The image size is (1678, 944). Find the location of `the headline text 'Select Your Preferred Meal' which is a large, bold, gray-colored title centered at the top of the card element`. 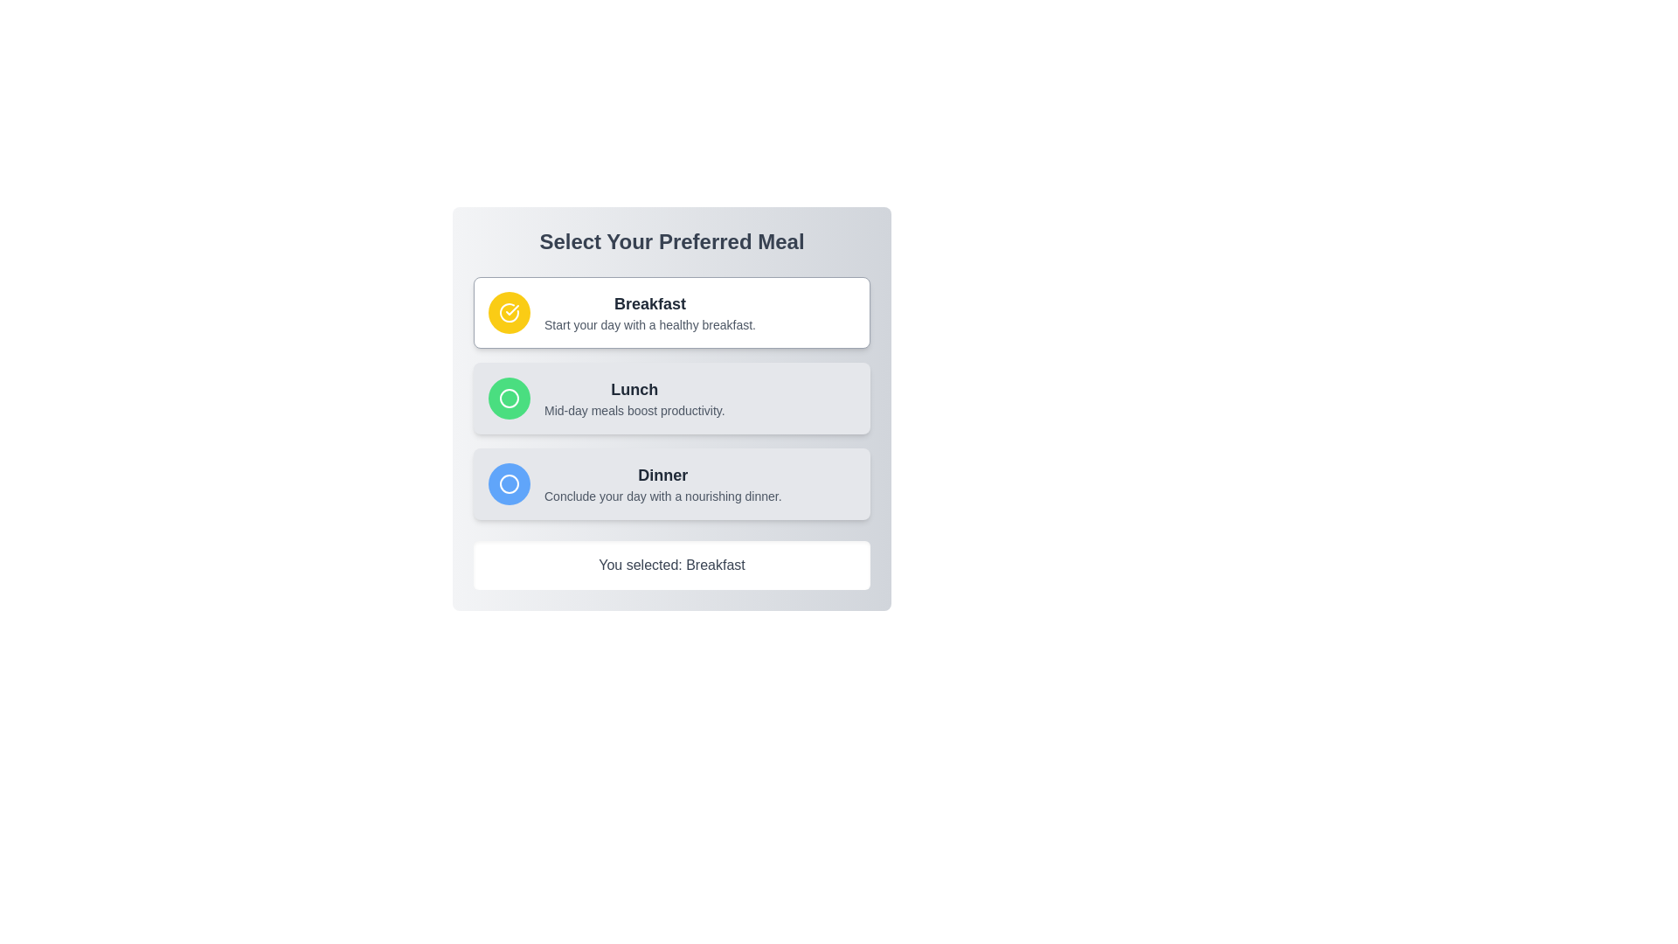

the headline text 'Select Your Preferred Meal' which is a large, bold, gray-colored title centered at the top of the card element is located at coordinates (670, 242).